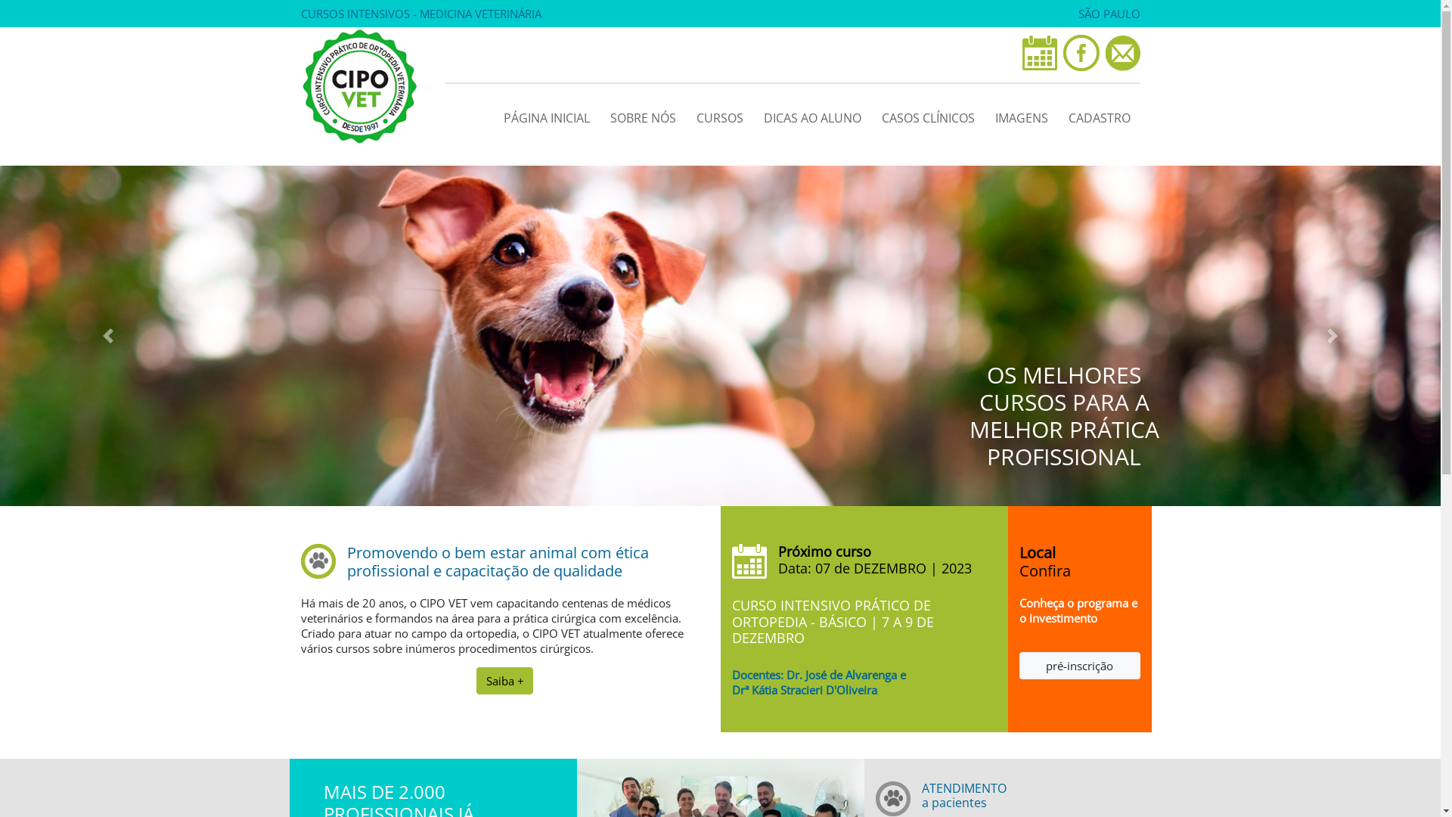 Image resolution: width=1452 pixels, height=817 pixels. I want to click on 'CADASTRO', so click(1100, 113).